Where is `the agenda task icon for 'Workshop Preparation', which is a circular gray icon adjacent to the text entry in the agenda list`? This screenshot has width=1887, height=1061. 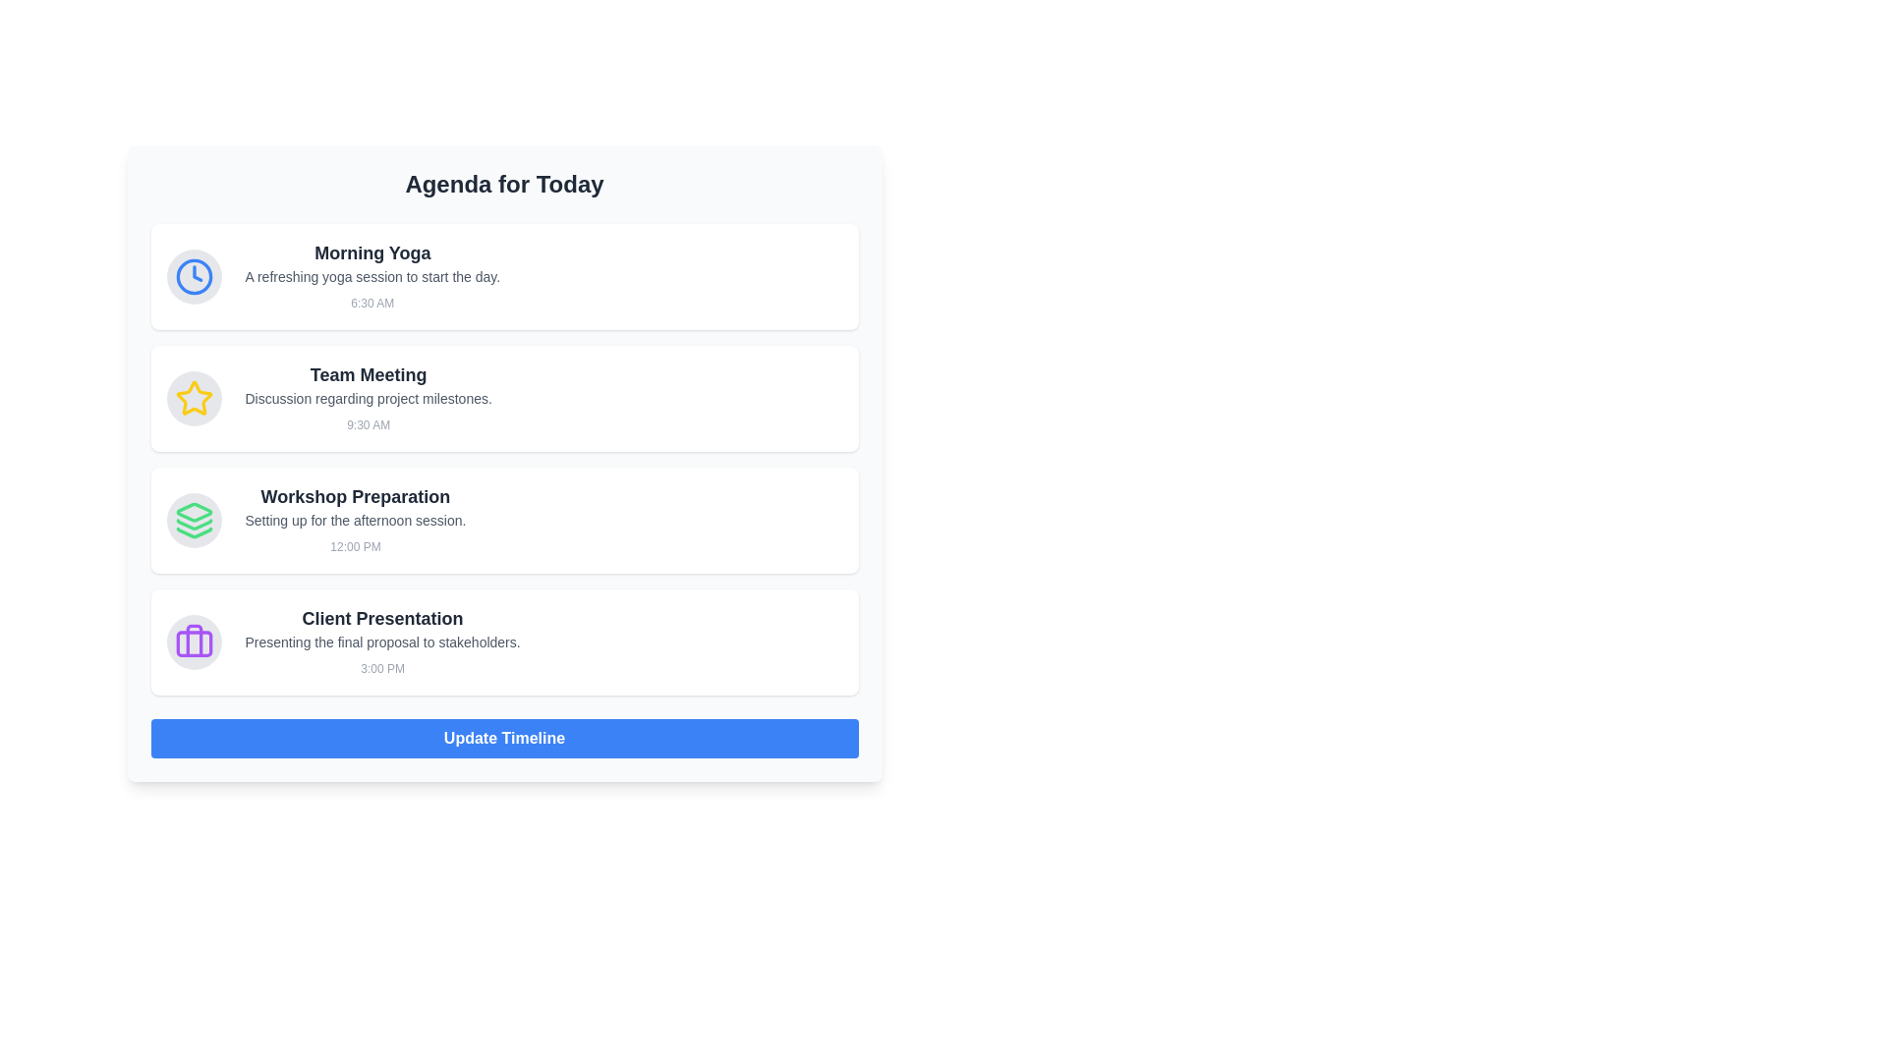 the agenda task icon for 'Workshop Preparation', which is a circular gray icon adjacent to the text entry in the agenda list is located at coordinates (194, 519).